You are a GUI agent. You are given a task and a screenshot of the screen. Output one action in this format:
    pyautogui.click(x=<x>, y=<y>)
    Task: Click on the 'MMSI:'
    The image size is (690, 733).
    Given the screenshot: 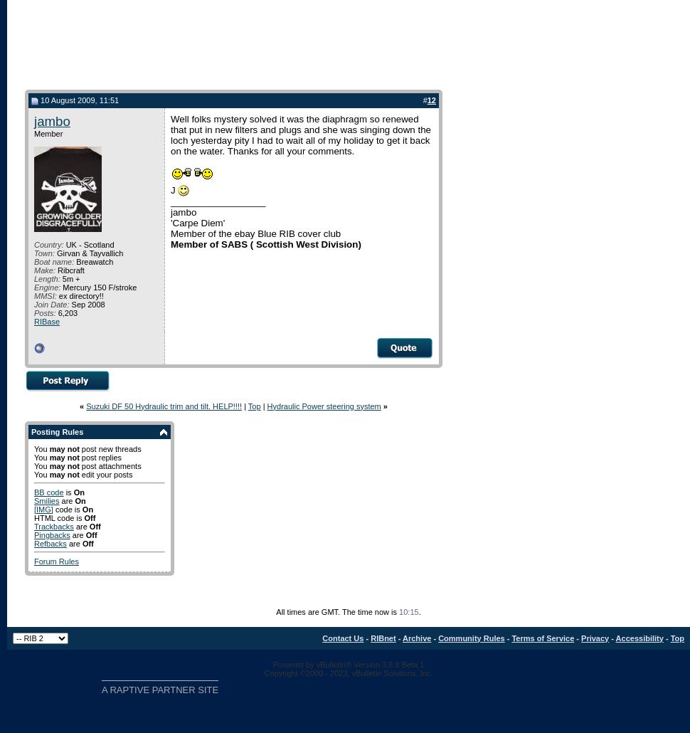 What is the action you would take?
    pyautogui.click(x=34, y=295)
    